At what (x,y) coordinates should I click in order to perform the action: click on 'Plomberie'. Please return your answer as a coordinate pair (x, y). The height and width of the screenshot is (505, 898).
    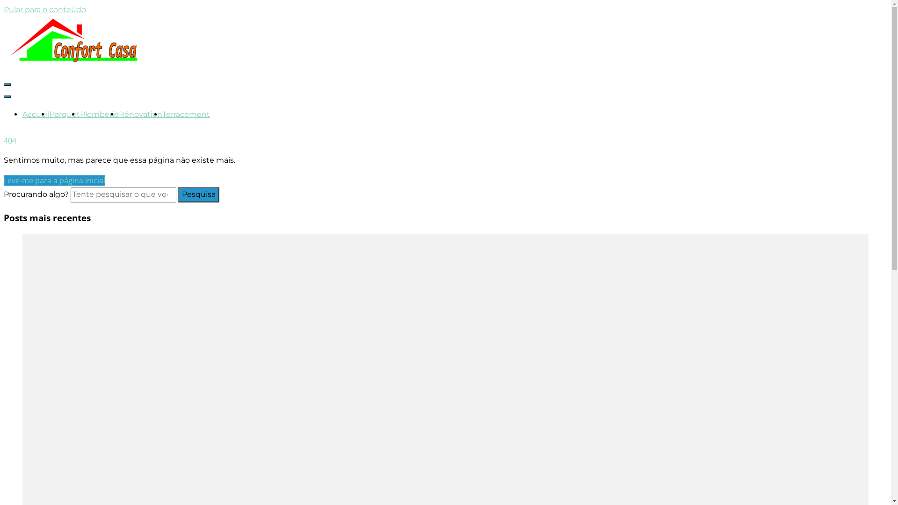
    Looking at the image, I should click on (99, 114).